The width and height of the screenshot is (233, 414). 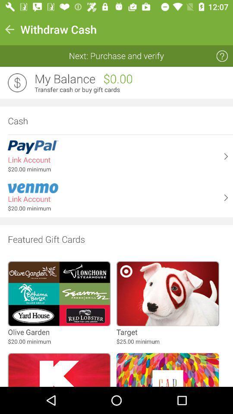 What do you see at coordinates (64, 79) in the screenshot?
I see `icon to the left of the $0.00 item` at bounding box center [64, 79].